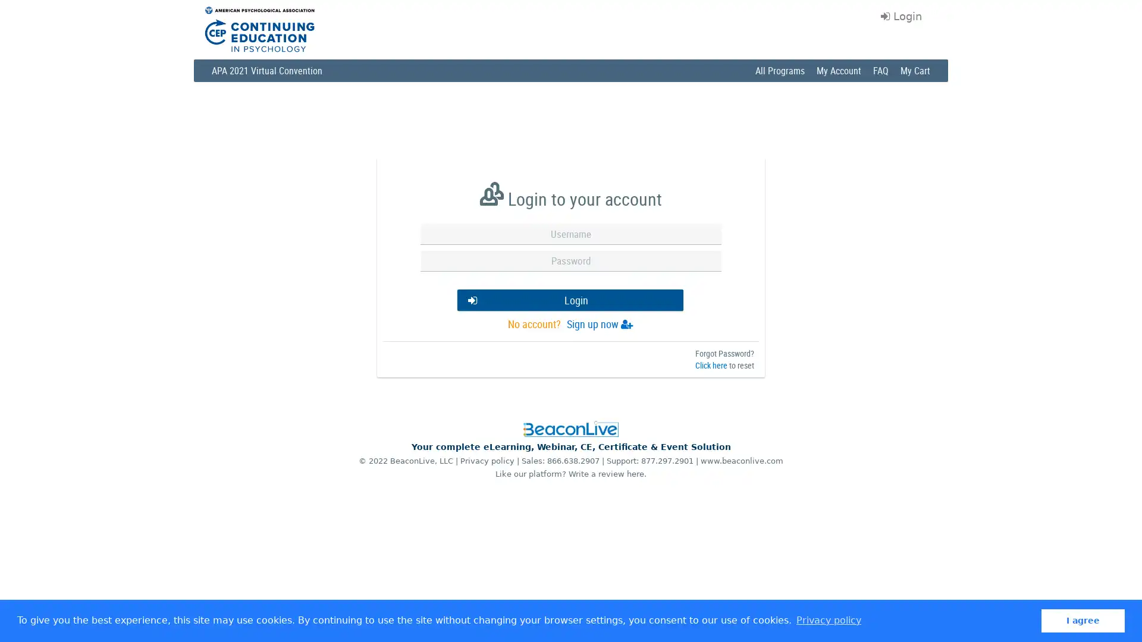 Image resolution: width=1142 pixels, height=642 pixels. What do you see at coordinates (1083, 620) in the screenshot?
I see `dismiss cookie message` at bounding box center [1083, 620].